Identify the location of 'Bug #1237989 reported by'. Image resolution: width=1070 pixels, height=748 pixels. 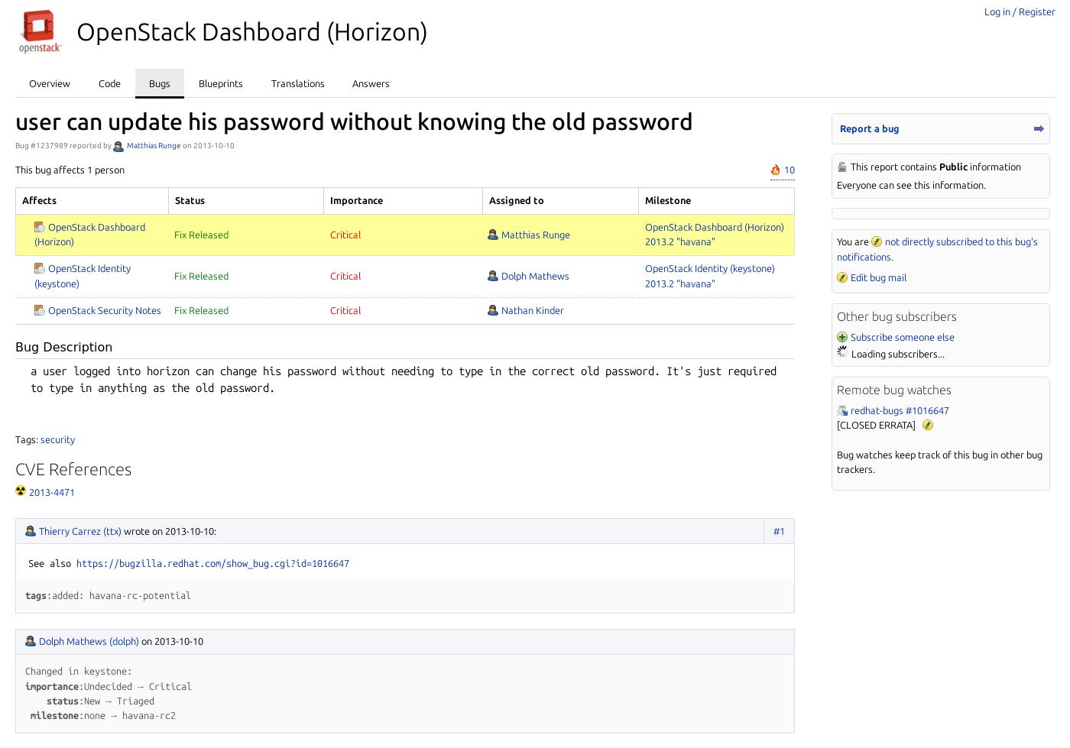
(64, 144).